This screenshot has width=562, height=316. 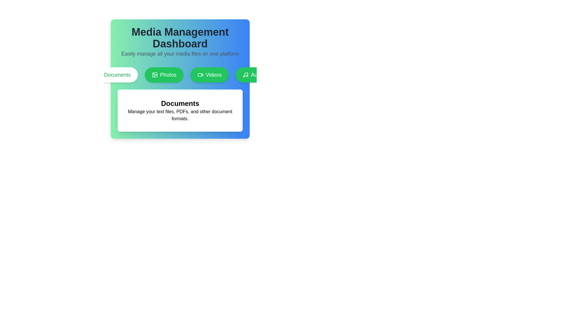 I want to click on the text element that reads 'Easily manage all your media files on one platform', which is styled in light gray and positioned beneath the heading 'Media Management Dashboard', so click(x=180, y=54).